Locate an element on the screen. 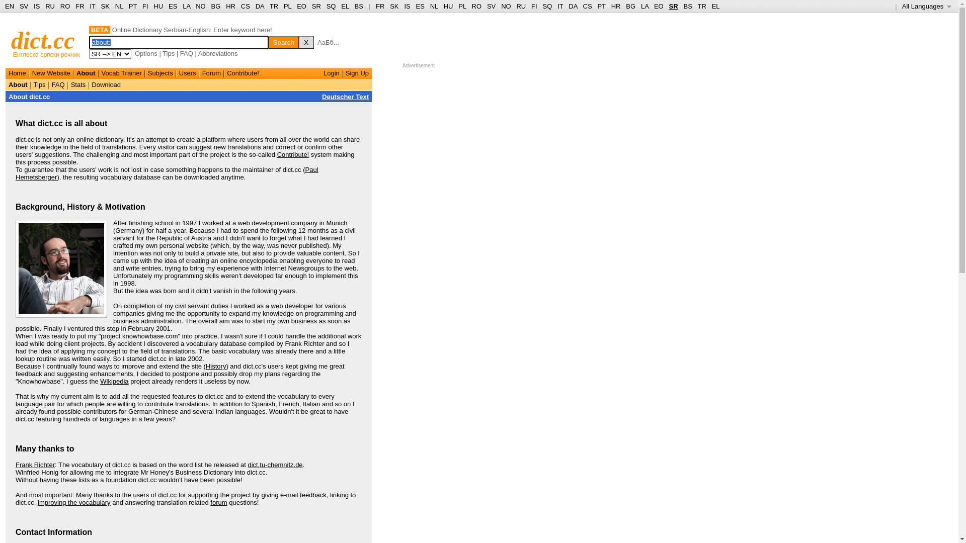 Image resolution: width=966 pixels, height=543 pixels. 'NO' is located at coordinates (506, 6).